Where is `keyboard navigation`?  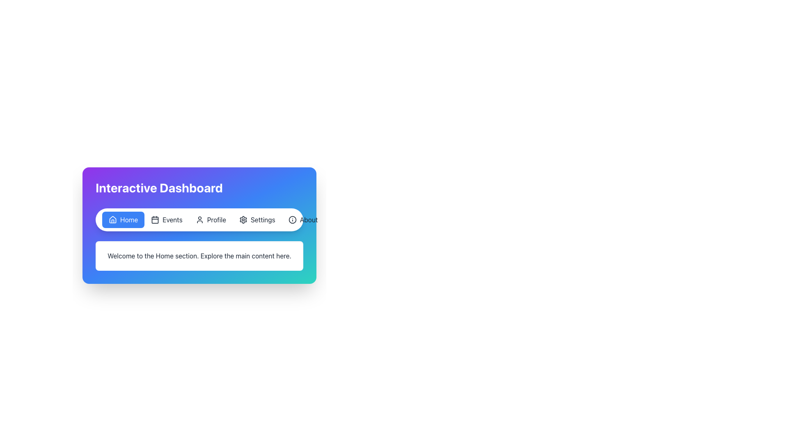 keyboard navigation is located at coordinates (199, 219).